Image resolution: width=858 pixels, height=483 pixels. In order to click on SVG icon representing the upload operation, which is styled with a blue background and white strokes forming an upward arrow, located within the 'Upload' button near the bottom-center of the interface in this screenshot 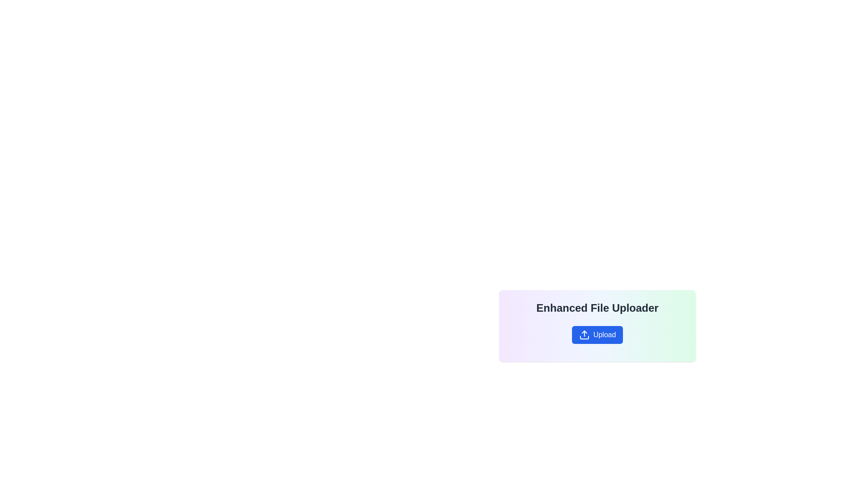, I will do `click(584, 335)`.